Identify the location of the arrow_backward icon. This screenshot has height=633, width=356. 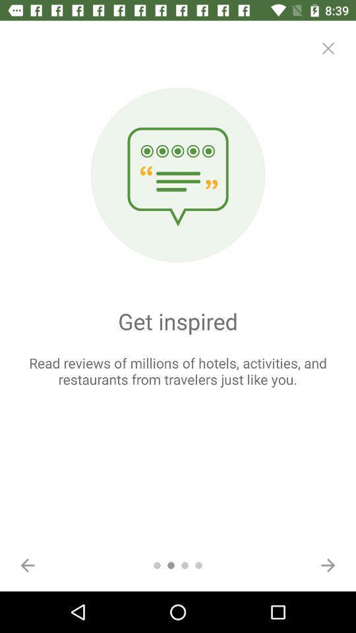
(28, 564).